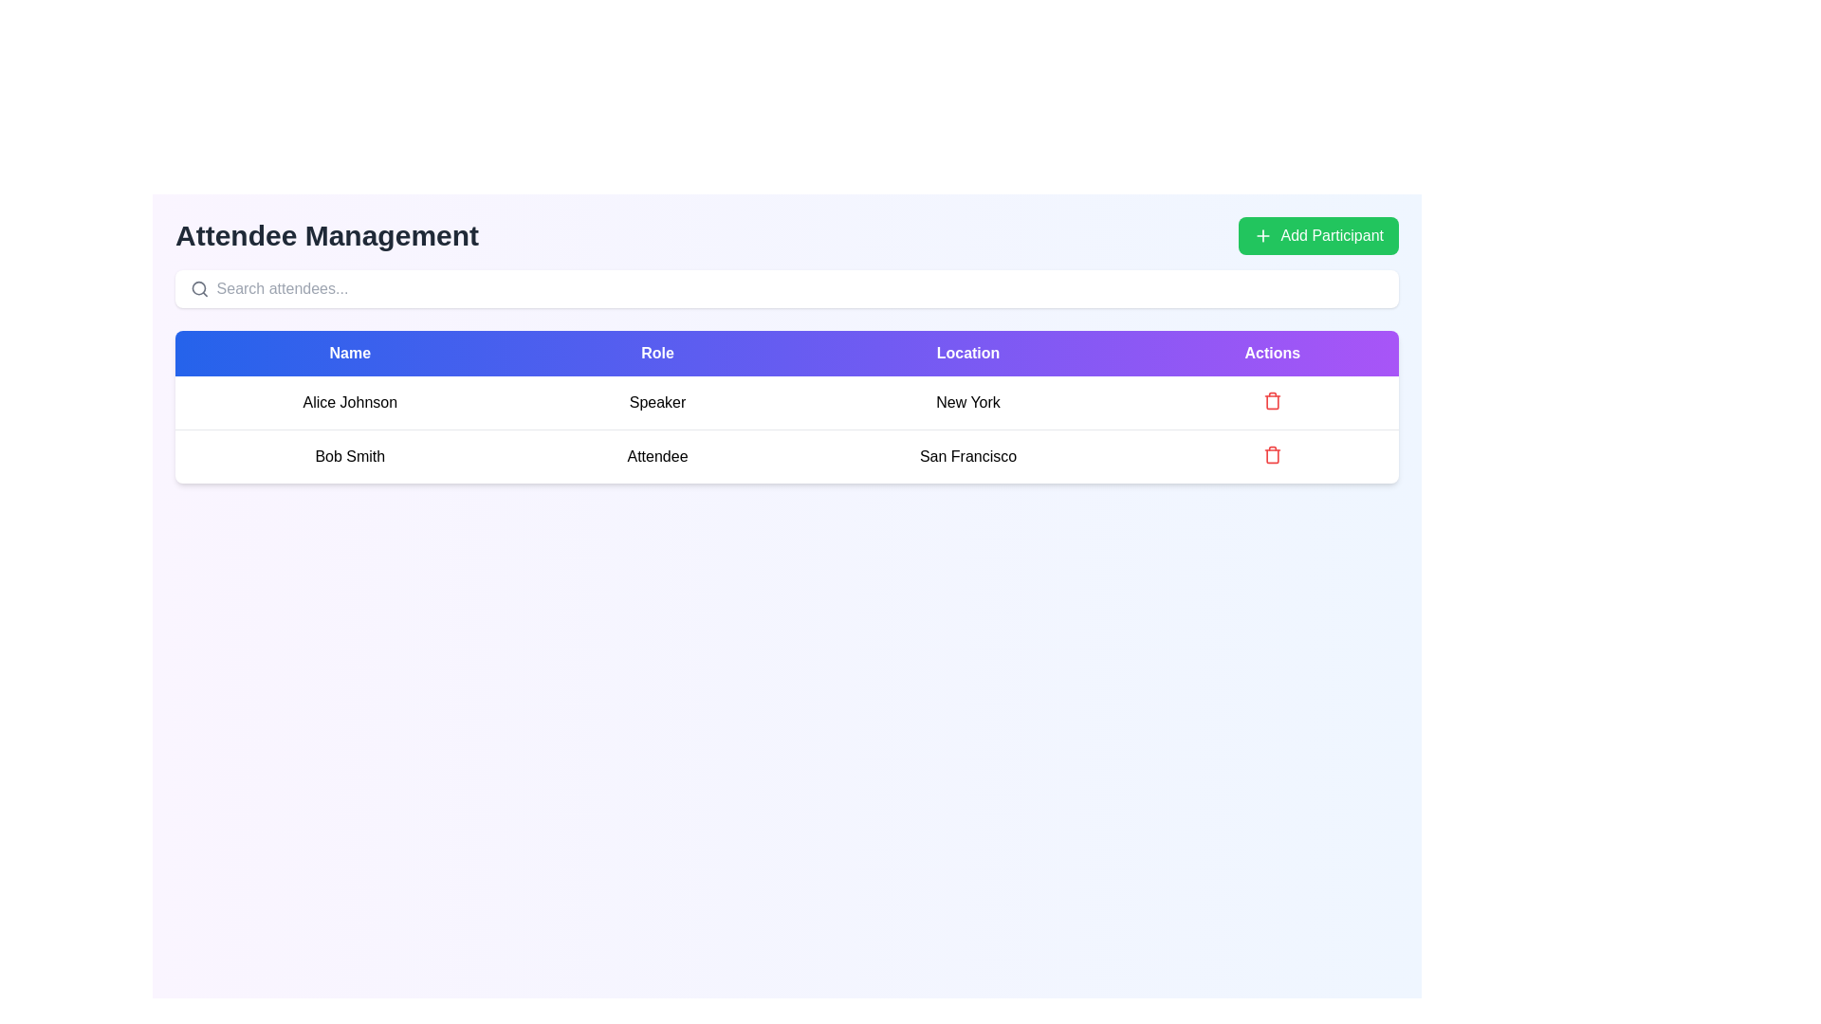  Describe the element at coordinates (199, 288) in the screenshot. I see `the filled circle located inside the magnifying glass icon, which is part of the search icon group, positioned to the left of the 'Search attendees...' text input field` at that location.